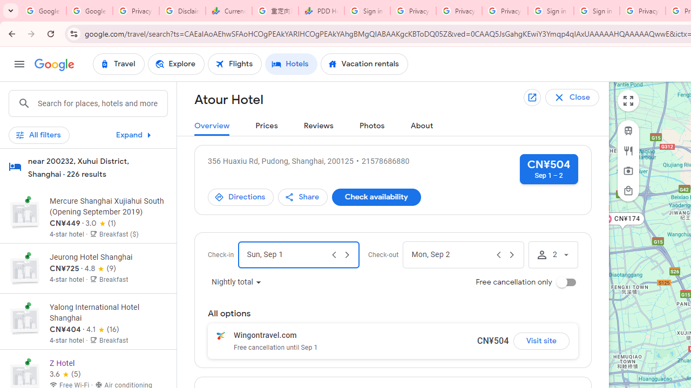 The width and height of the screenshot is (691, 388). I want to click on 'Open Atour Hotel in a new tab.', so click(533, 98).